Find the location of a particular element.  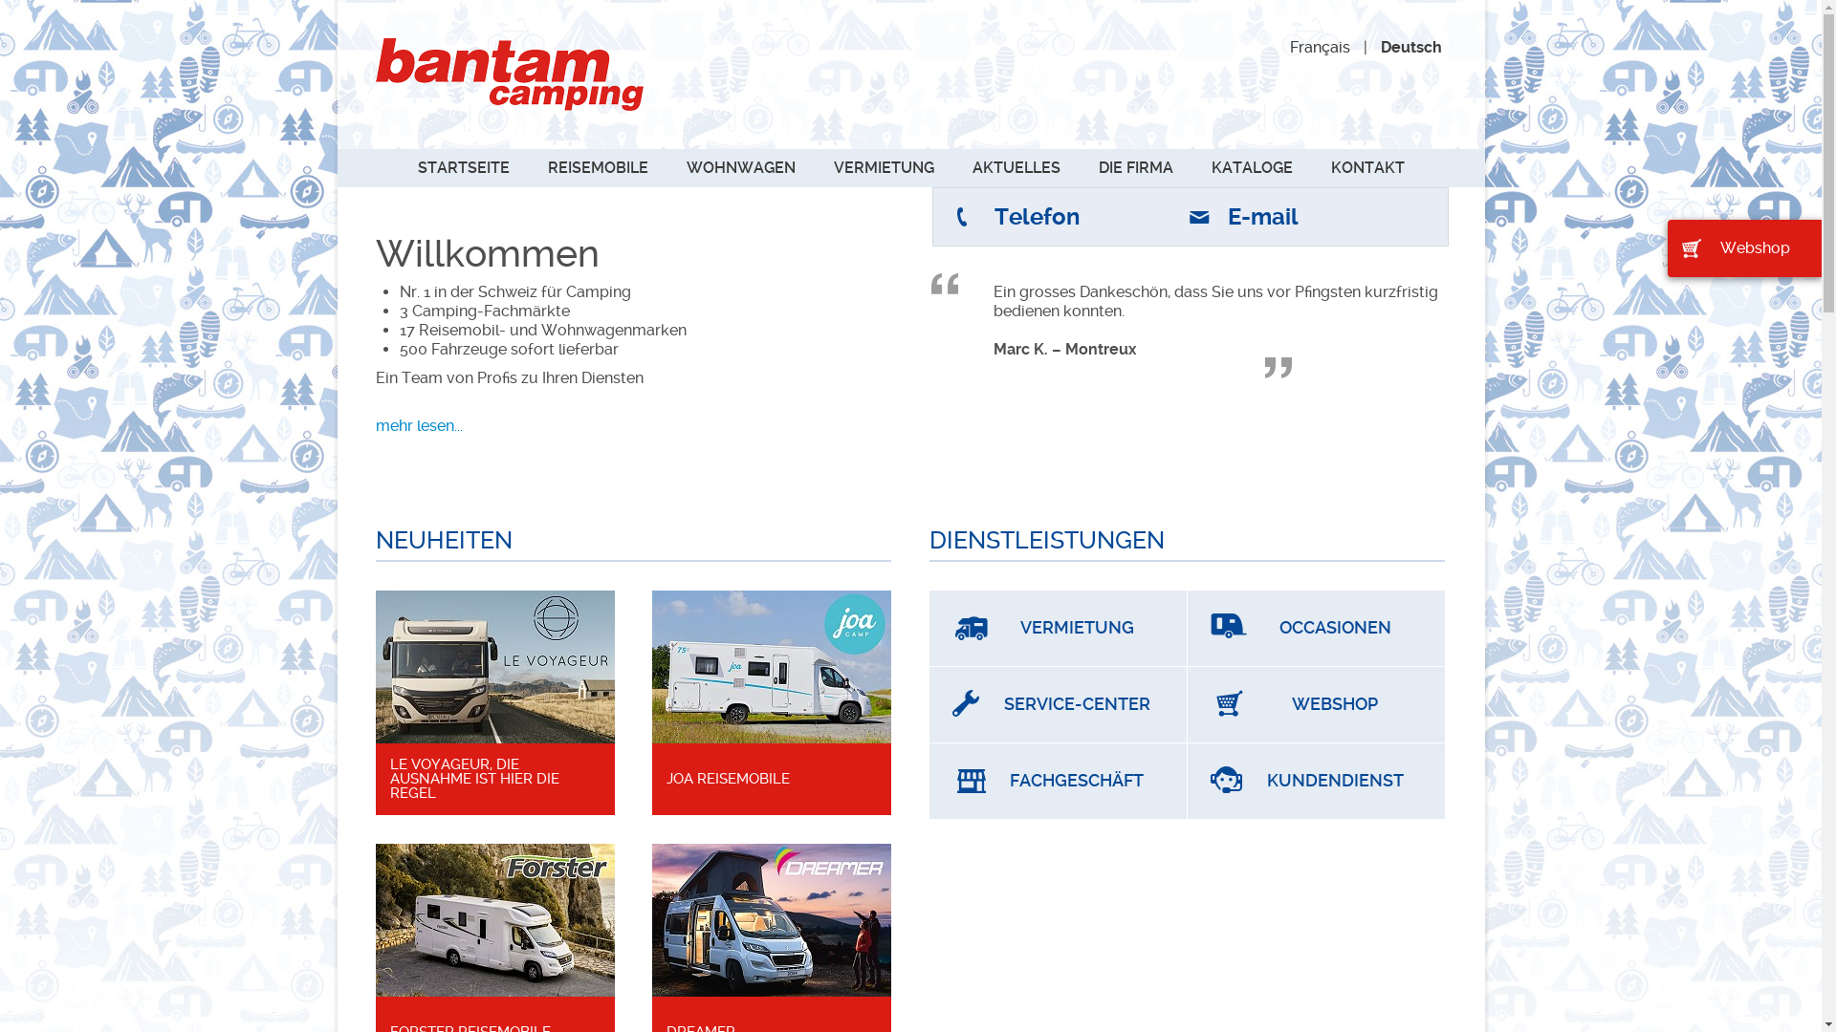

'Telefon' is located at coordinates (1036, 216).